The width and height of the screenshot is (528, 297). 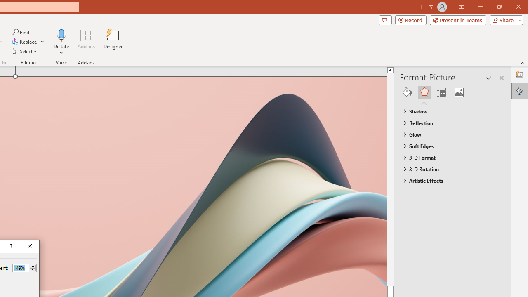 What do you see at coordinates (10, 246) in the screenshot?
I see `'Context help'` at bounding box center [10, 246].